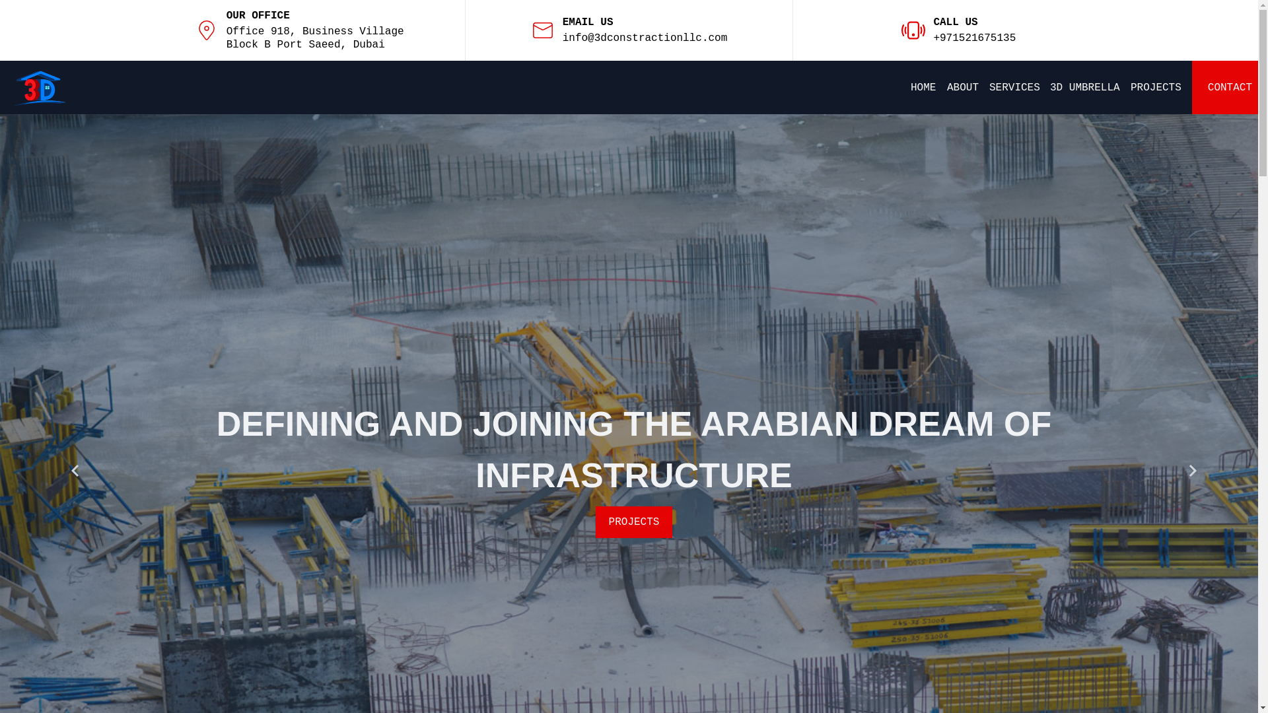  I want to click on 'HOME', so click(922, 87).